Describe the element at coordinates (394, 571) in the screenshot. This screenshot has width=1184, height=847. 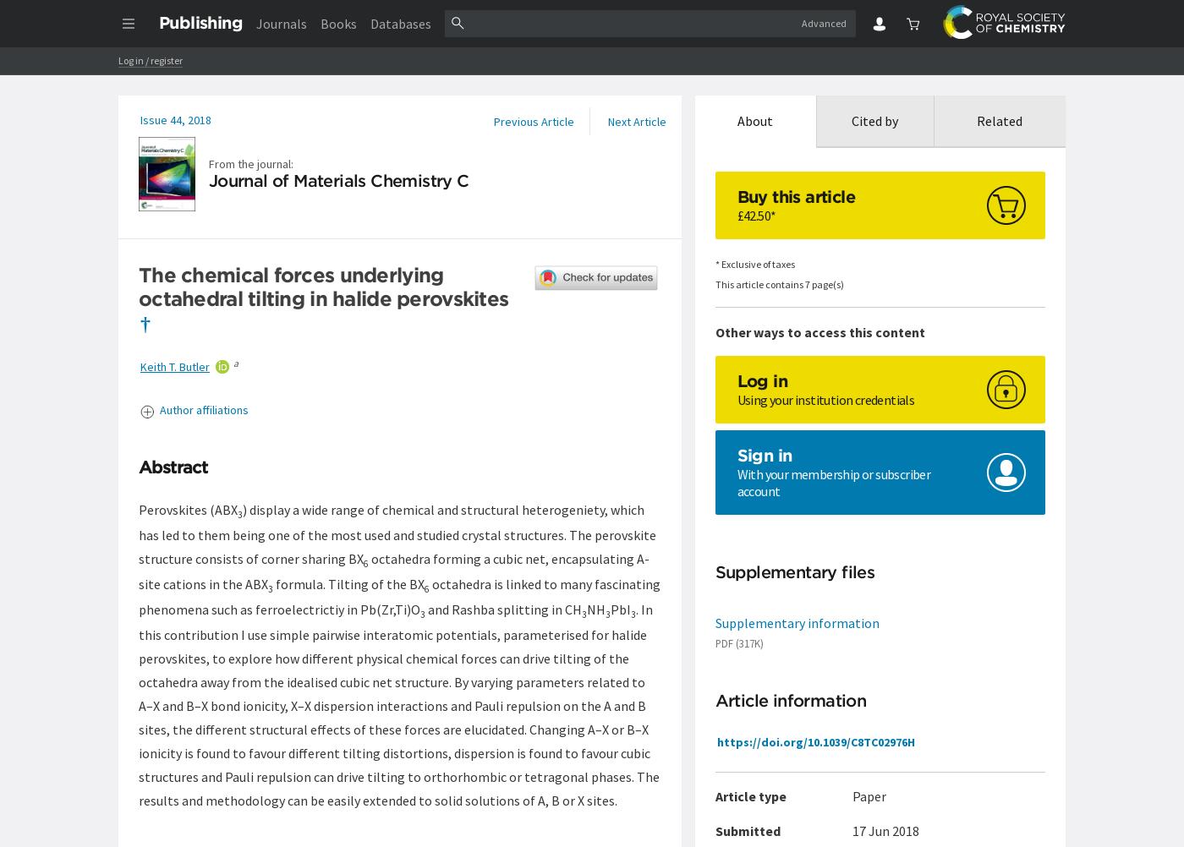
I see `'octahedra forming a cubic net, encapsulating A-site cations in the ABX'` at that location.